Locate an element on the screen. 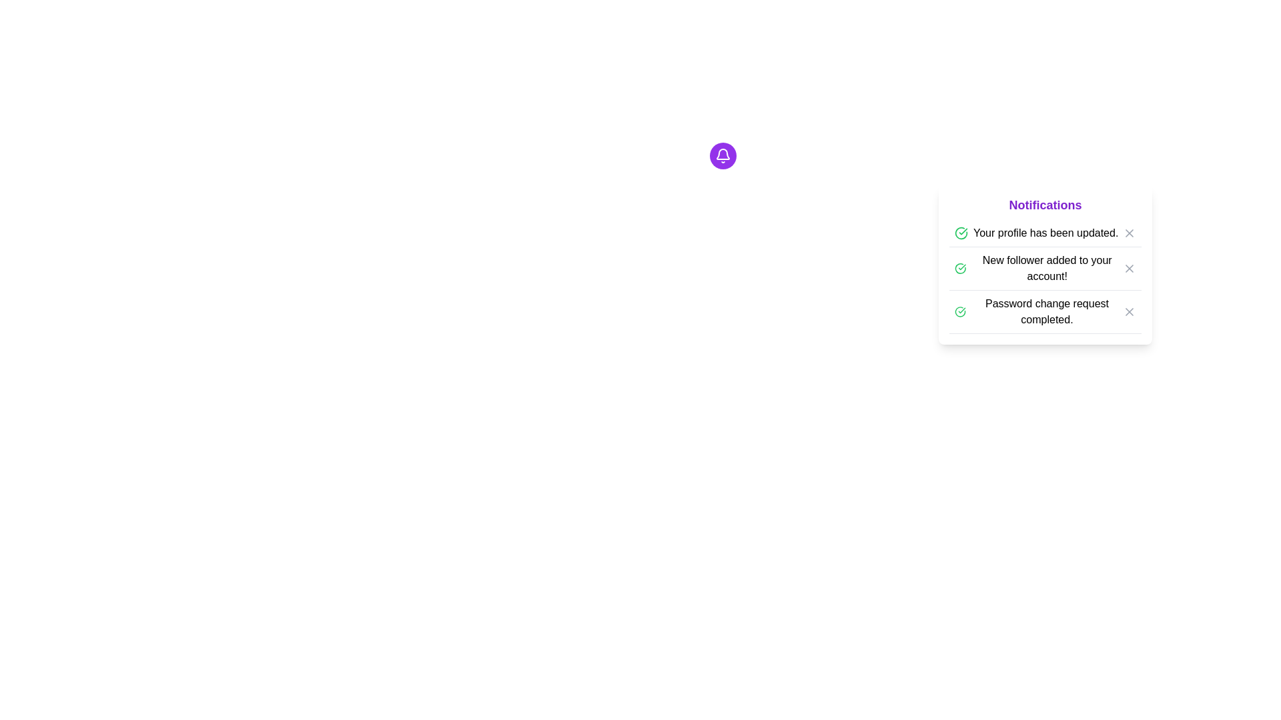  the diagonal cross icon button is located at coordinates (1129, 268).